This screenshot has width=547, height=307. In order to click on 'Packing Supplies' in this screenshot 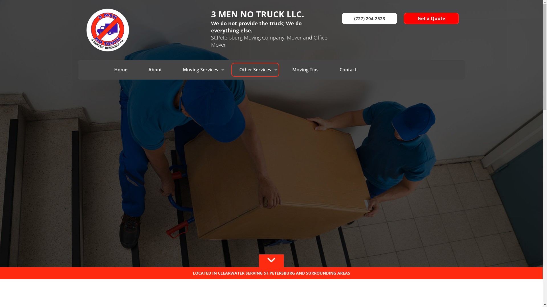, I will do `click(255, 111)`.